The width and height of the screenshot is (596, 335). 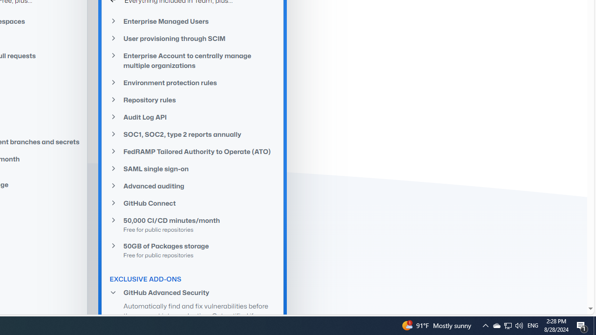 I want to click on '50GB of Packages storage Free for public repositories', so click(x=192, y=249).